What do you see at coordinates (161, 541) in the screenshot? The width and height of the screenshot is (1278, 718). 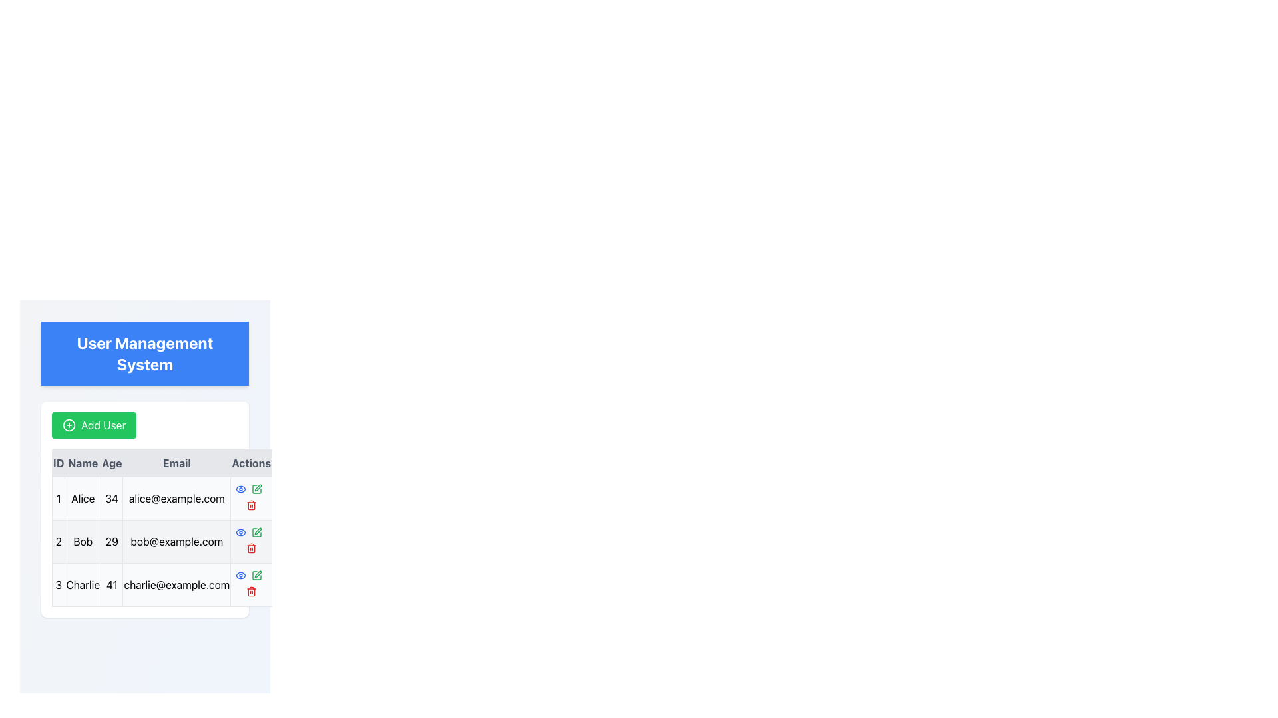 I see `the second row in the table displaying details for 'Bob', age 29, with the email 'bob@example.com'` at bounding box center [161, 541].